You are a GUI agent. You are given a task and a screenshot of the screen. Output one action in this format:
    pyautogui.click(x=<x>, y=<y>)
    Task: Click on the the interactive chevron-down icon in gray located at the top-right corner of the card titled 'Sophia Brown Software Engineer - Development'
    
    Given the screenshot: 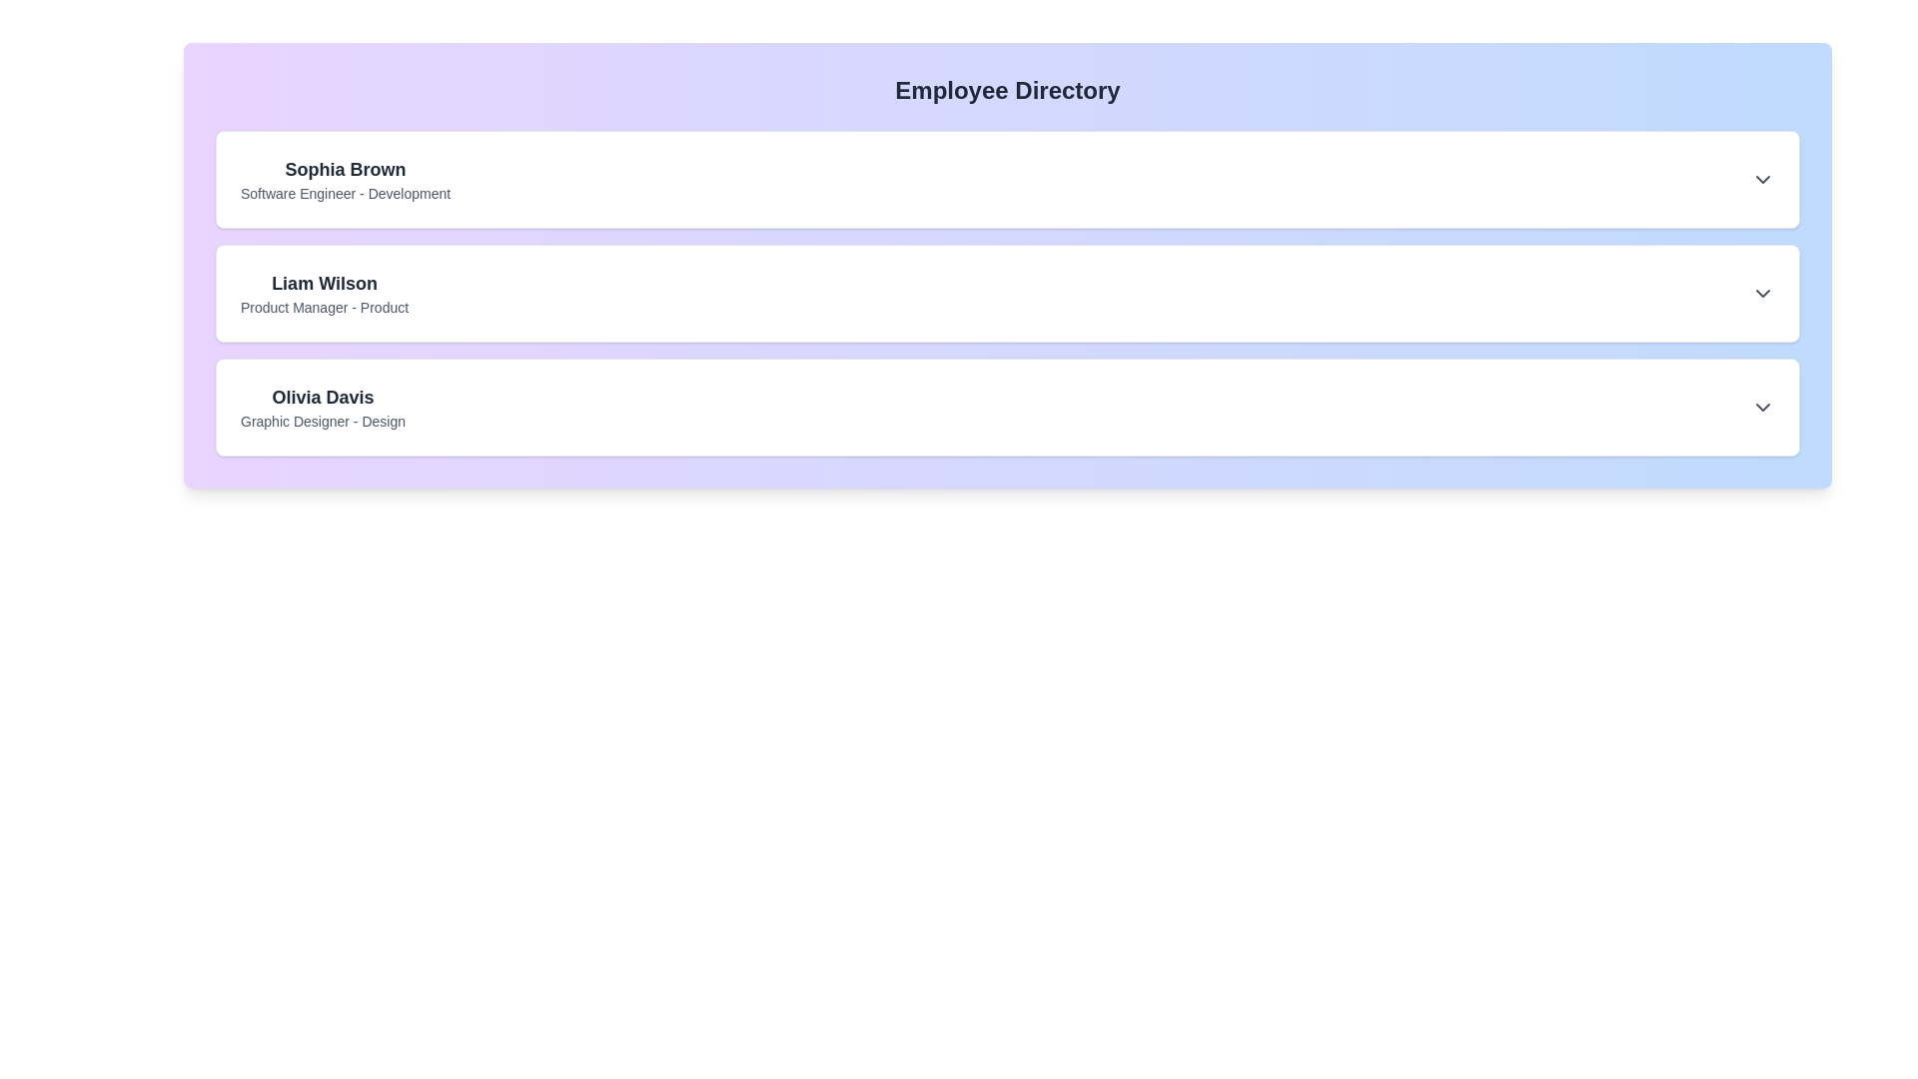 What is the action you would take?
    pyautogui.click(x=1763, y=180)
    